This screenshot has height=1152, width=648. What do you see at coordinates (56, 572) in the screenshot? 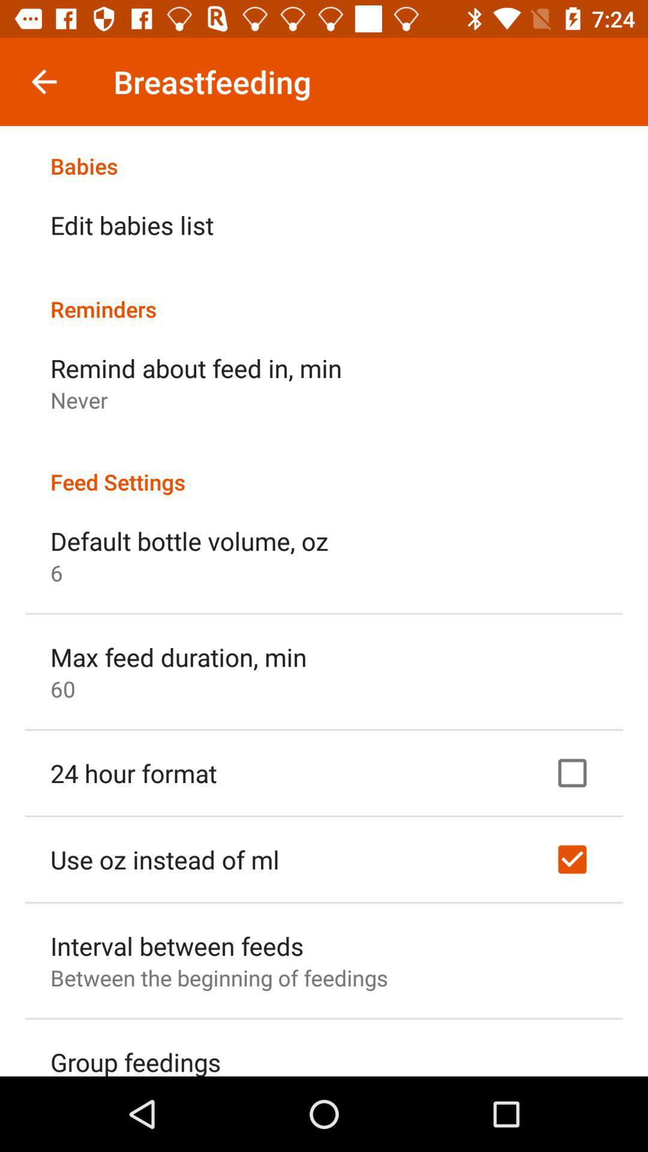
I see `the item below default bottle volume item` at bounding box center [56, 572].